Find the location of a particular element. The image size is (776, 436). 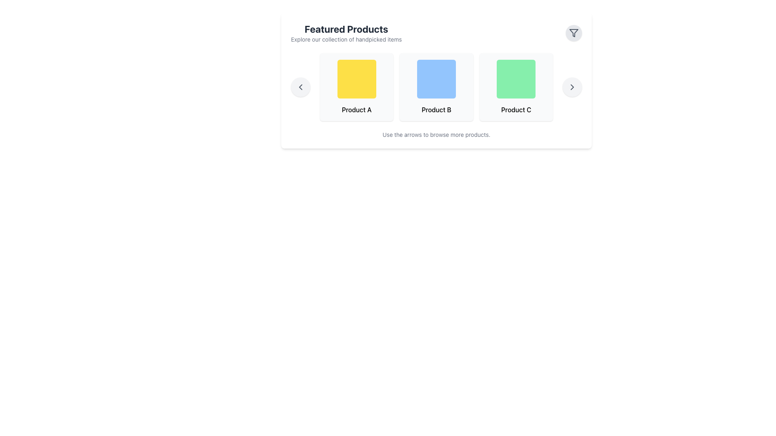

the left-pointing chevron arrow icon within the left navigation button of the carousel interface for the 'Featured Products' section through keyboard navigation is located at coordinates (300, 87).